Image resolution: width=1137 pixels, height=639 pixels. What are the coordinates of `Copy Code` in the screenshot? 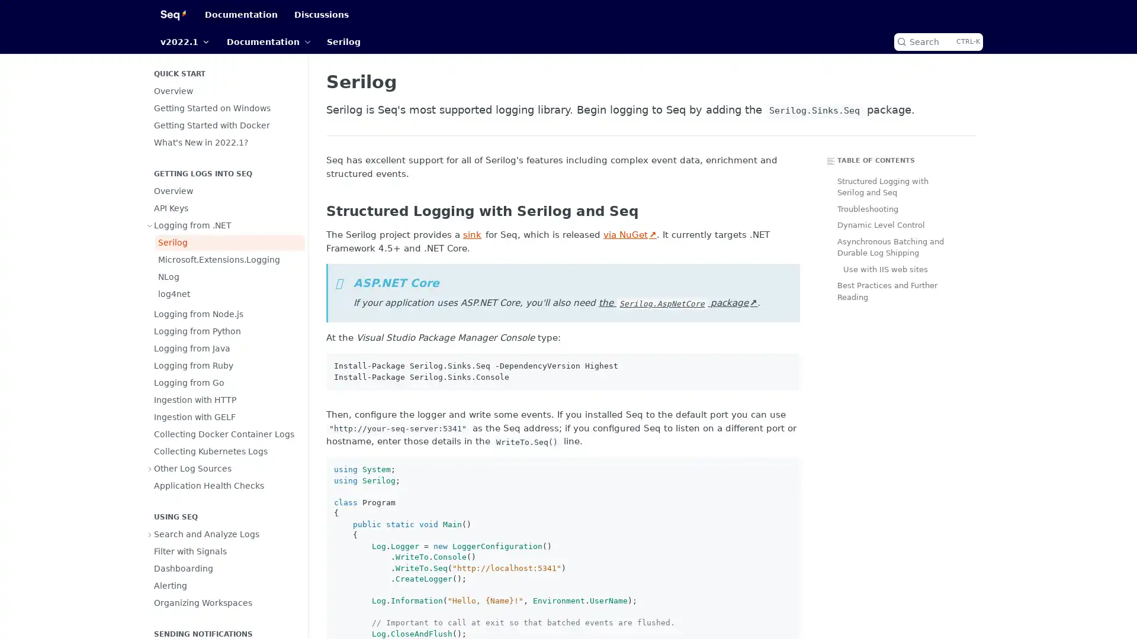 It's located at (786, 469).